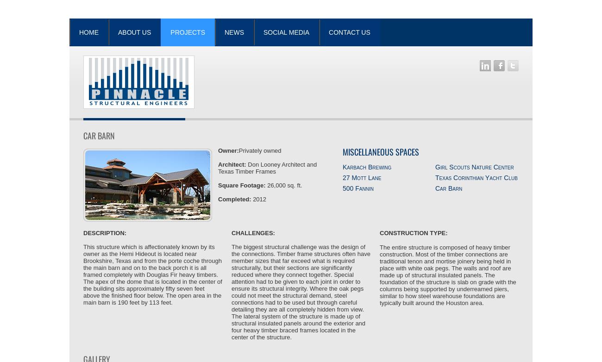 The height and width of the screenshot is (362, 602). I want to click on 'Don Looney Architect and Texas Timber Frames', so click(267, 168).